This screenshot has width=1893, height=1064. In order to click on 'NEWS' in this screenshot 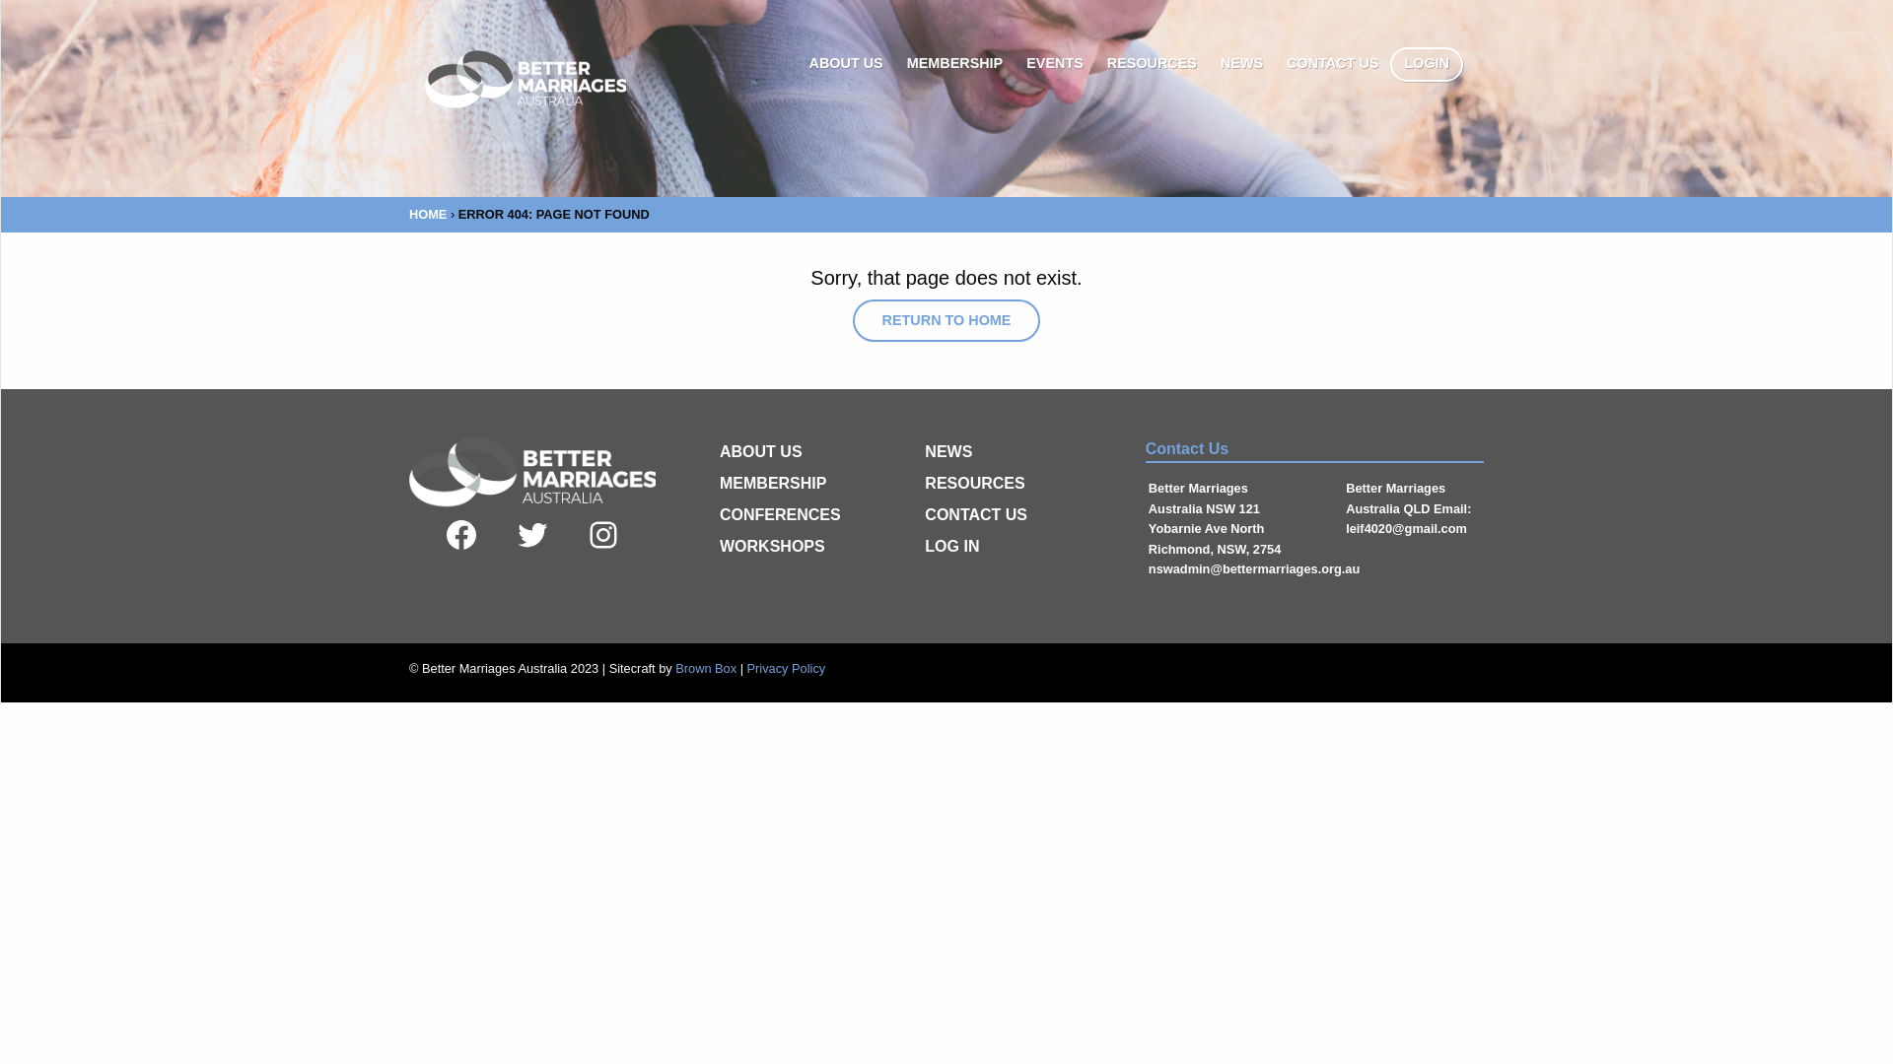, I will do `click(947, 451)`.